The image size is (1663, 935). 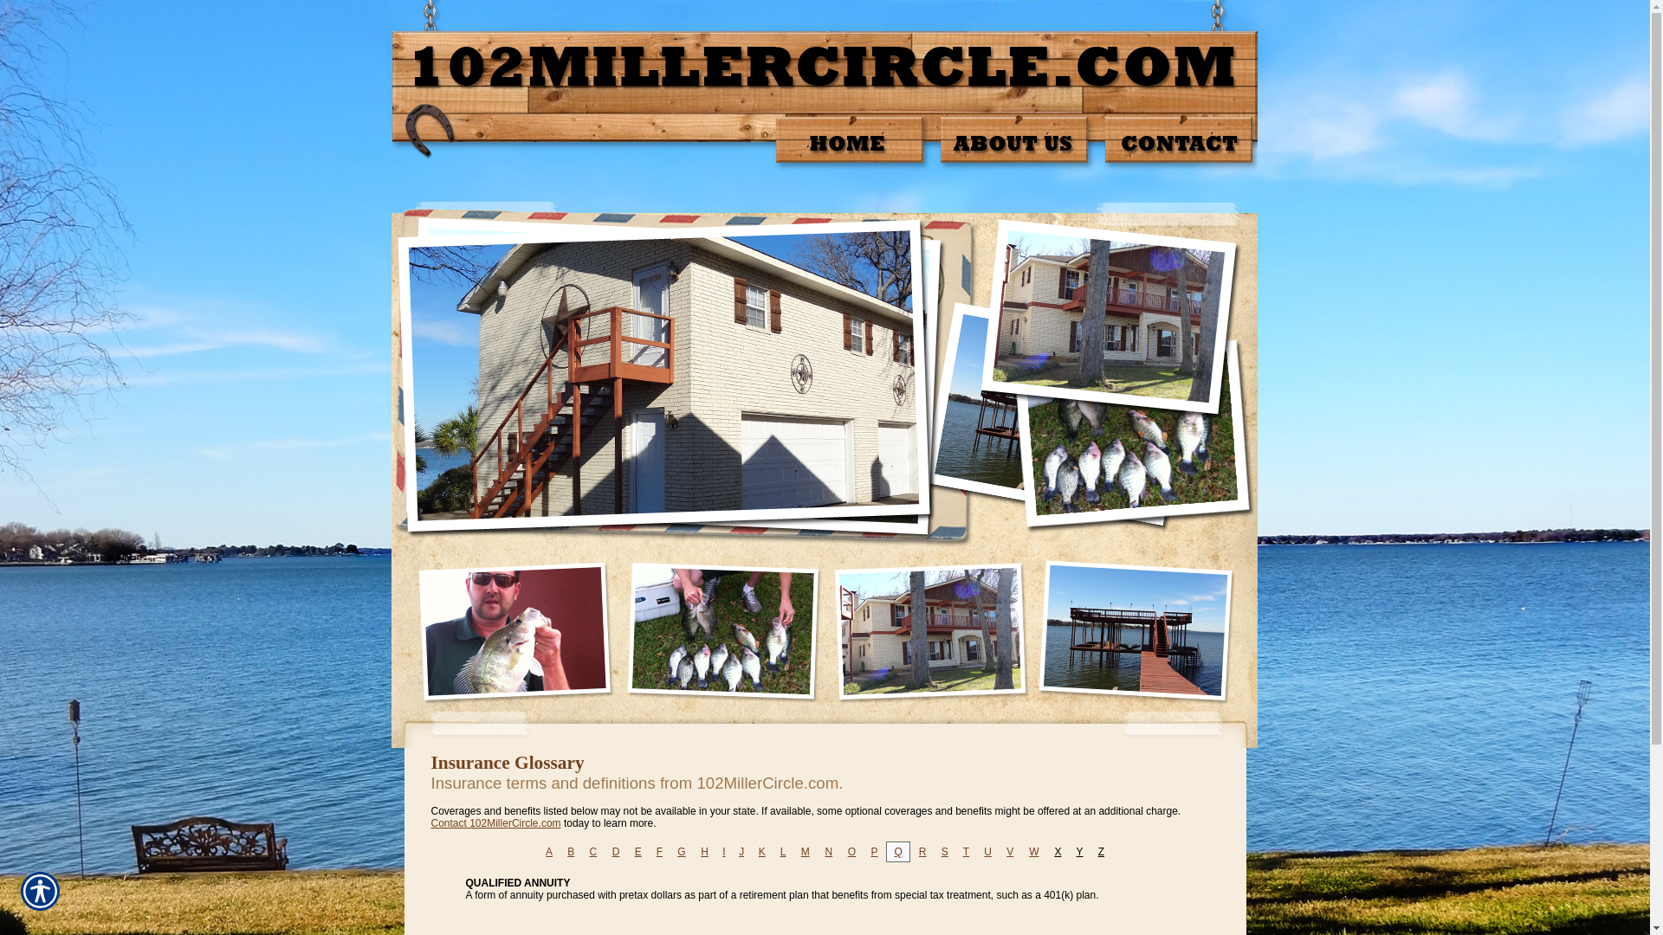 What do you see at coordinates (680, 850) in the screenshot?
I see `'G'` at bounding box center [680, 850].